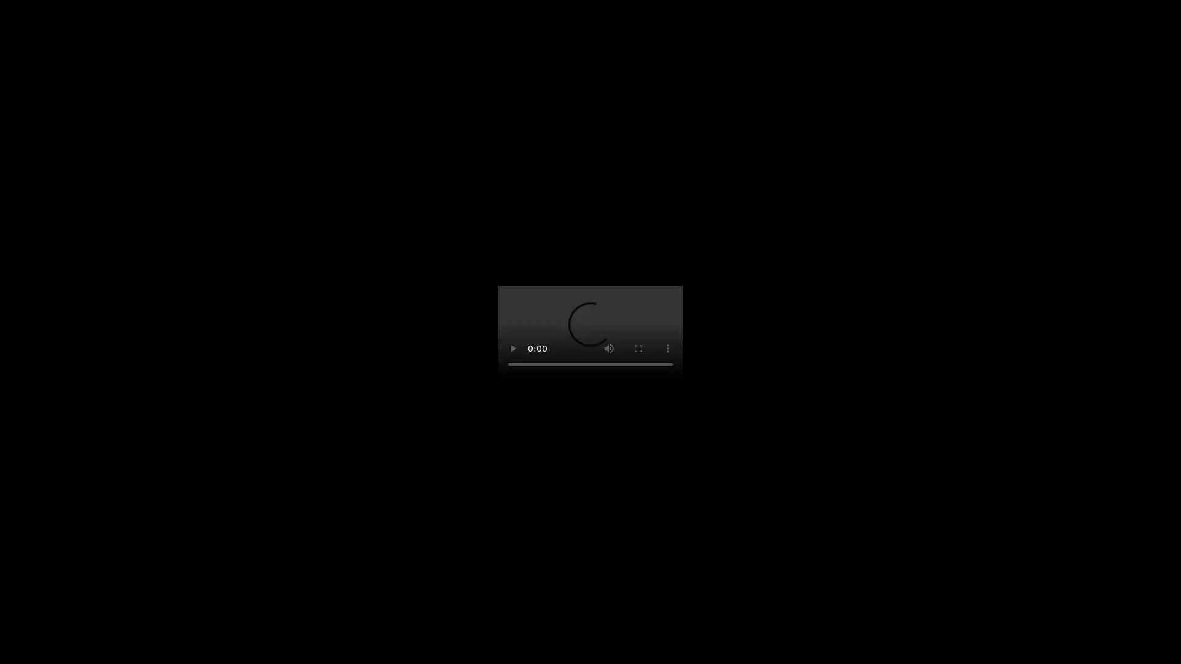 The width and height of the screenshot is (1181, 664). What do you see at coordinates (667, 349) in the screenshot?
I see `show more media controls` at bounding box center [667, 349].